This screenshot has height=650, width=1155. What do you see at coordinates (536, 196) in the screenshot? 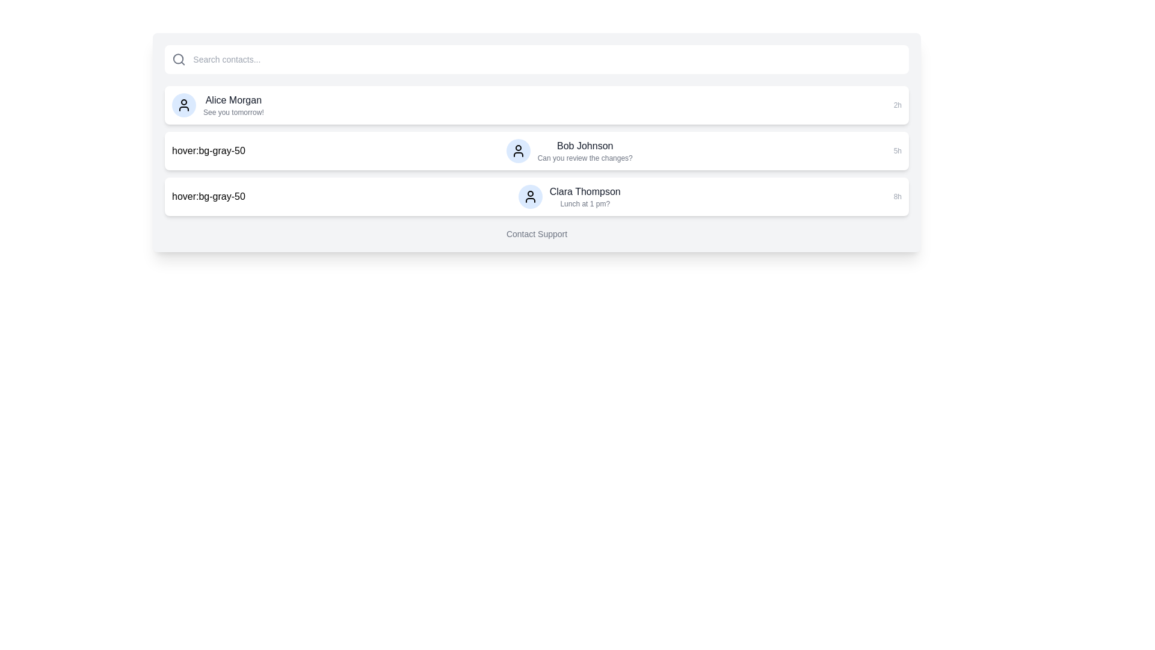
I see `the third contact card in the vertical list` at bounding box center [536, 196].